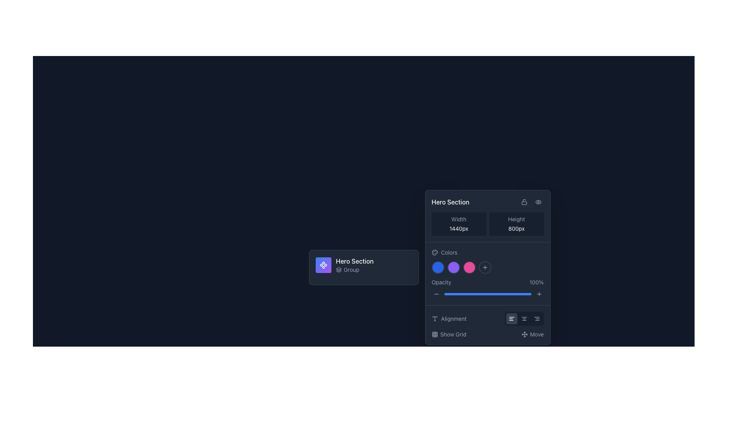  What do you see at coordinates (351, 269) in the screenshot?
I see `the text label displaying 'Group' in a small gray font, located next to the layered icon beneath the 'Hero Section' heading` at bounding box center [351, 269].